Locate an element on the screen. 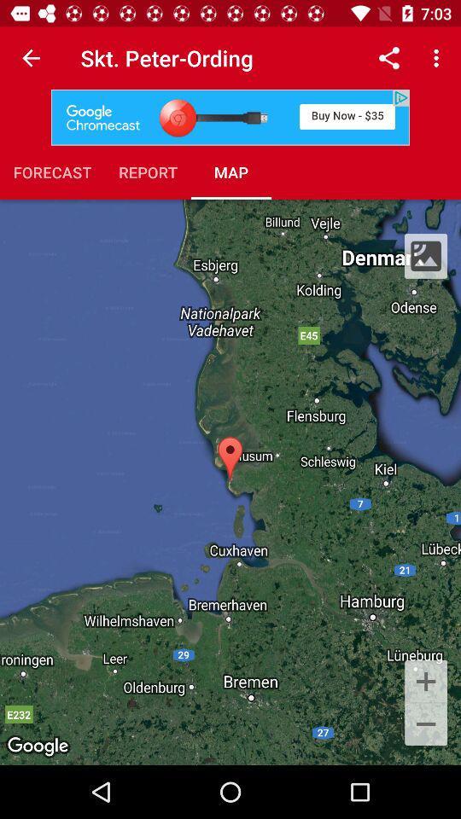 This screenshot has height=819, width=461. the icon below the forecast item is located at coordinates (230, 482).